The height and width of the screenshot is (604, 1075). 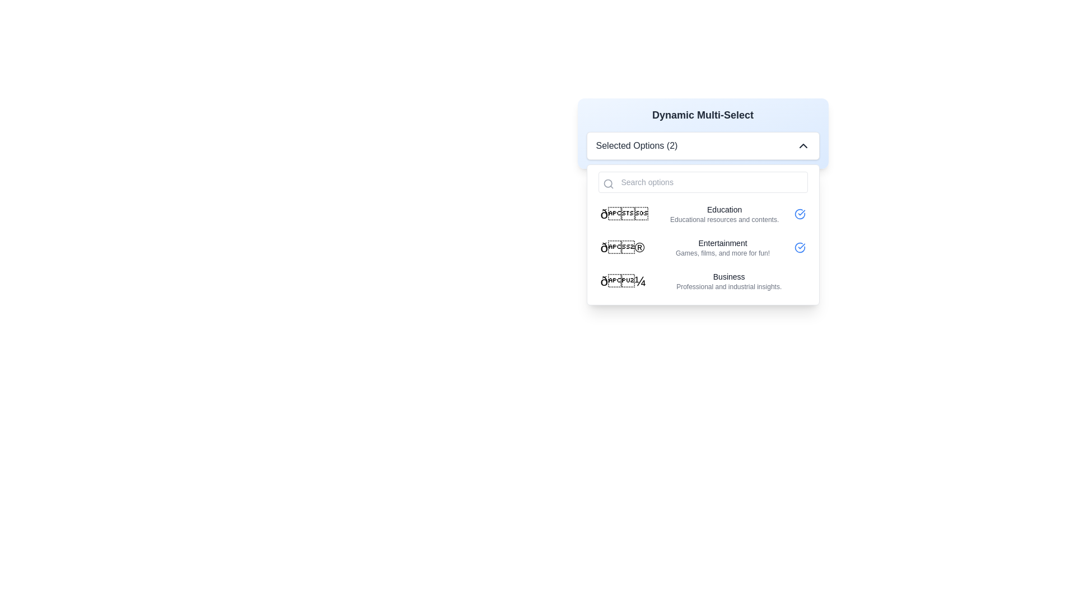 What do you see at coordinates (702, 247) in the screenshot?
I see `the second item in the vertical list of options` at bounding box center [702, 247].